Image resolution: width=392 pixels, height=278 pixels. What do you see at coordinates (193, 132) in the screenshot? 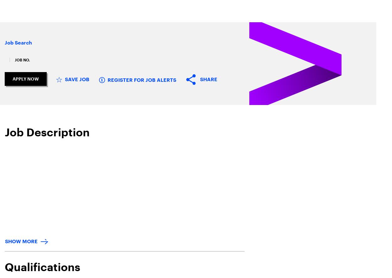
I see `'From entry-level to leadership, across all business and industry segments, get to know our people harnessing technology to make a difference, every day.'` at bounding box center [193, 132].